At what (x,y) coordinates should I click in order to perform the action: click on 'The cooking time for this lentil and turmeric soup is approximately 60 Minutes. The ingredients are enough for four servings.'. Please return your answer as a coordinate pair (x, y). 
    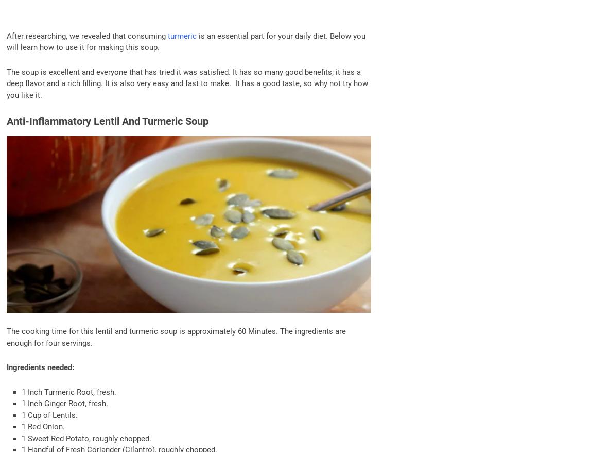
    Looking at the image, I should click on (176, 337).